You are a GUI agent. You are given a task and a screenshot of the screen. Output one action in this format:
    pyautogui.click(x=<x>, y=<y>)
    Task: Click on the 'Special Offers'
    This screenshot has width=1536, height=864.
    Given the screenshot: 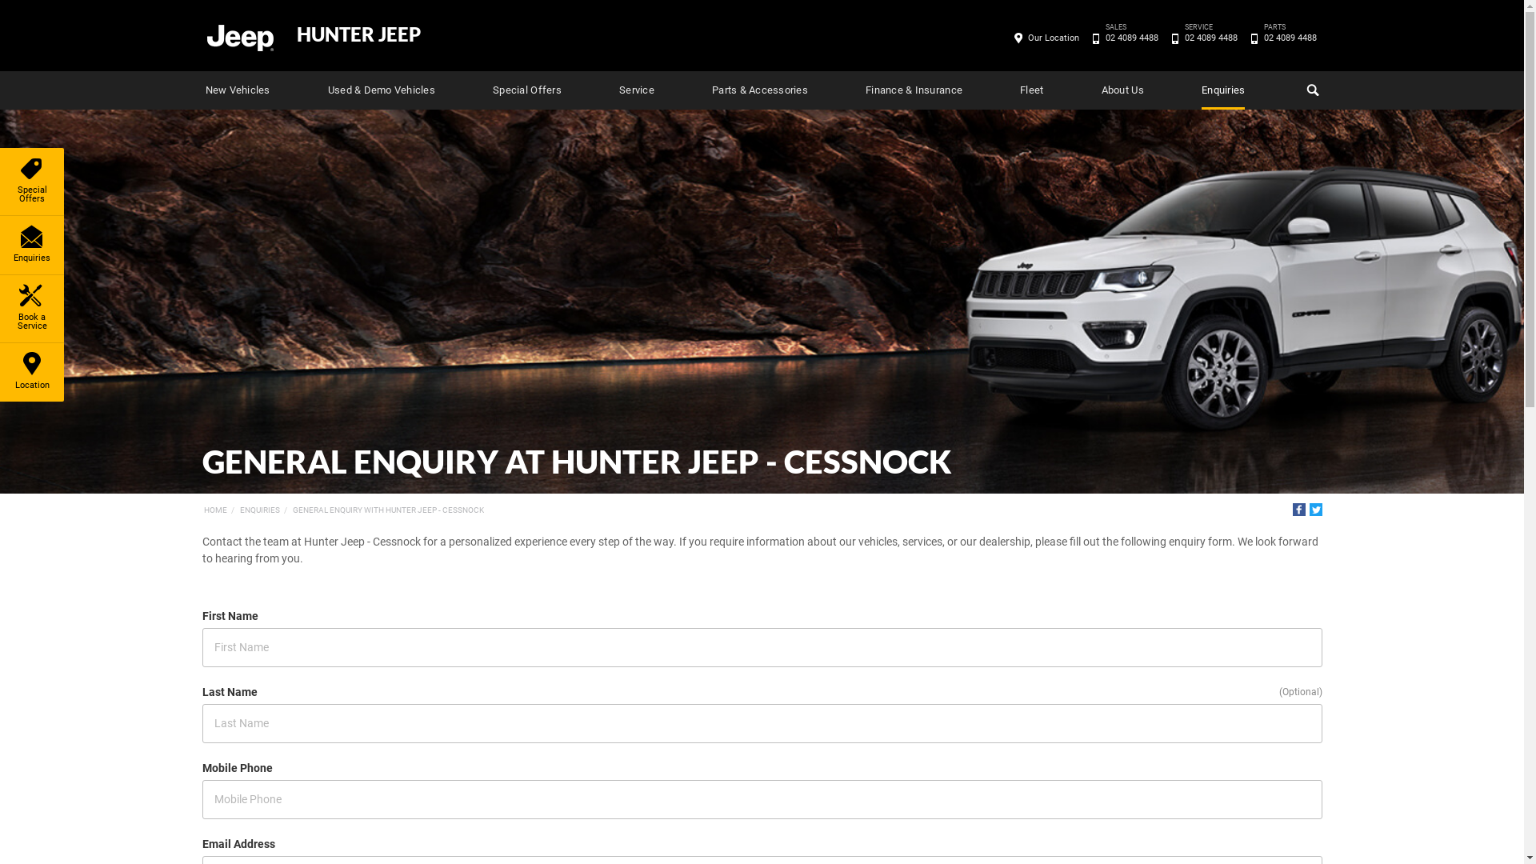 What is the action you would take?
    pyautogui.click(x=31, y=181)
    